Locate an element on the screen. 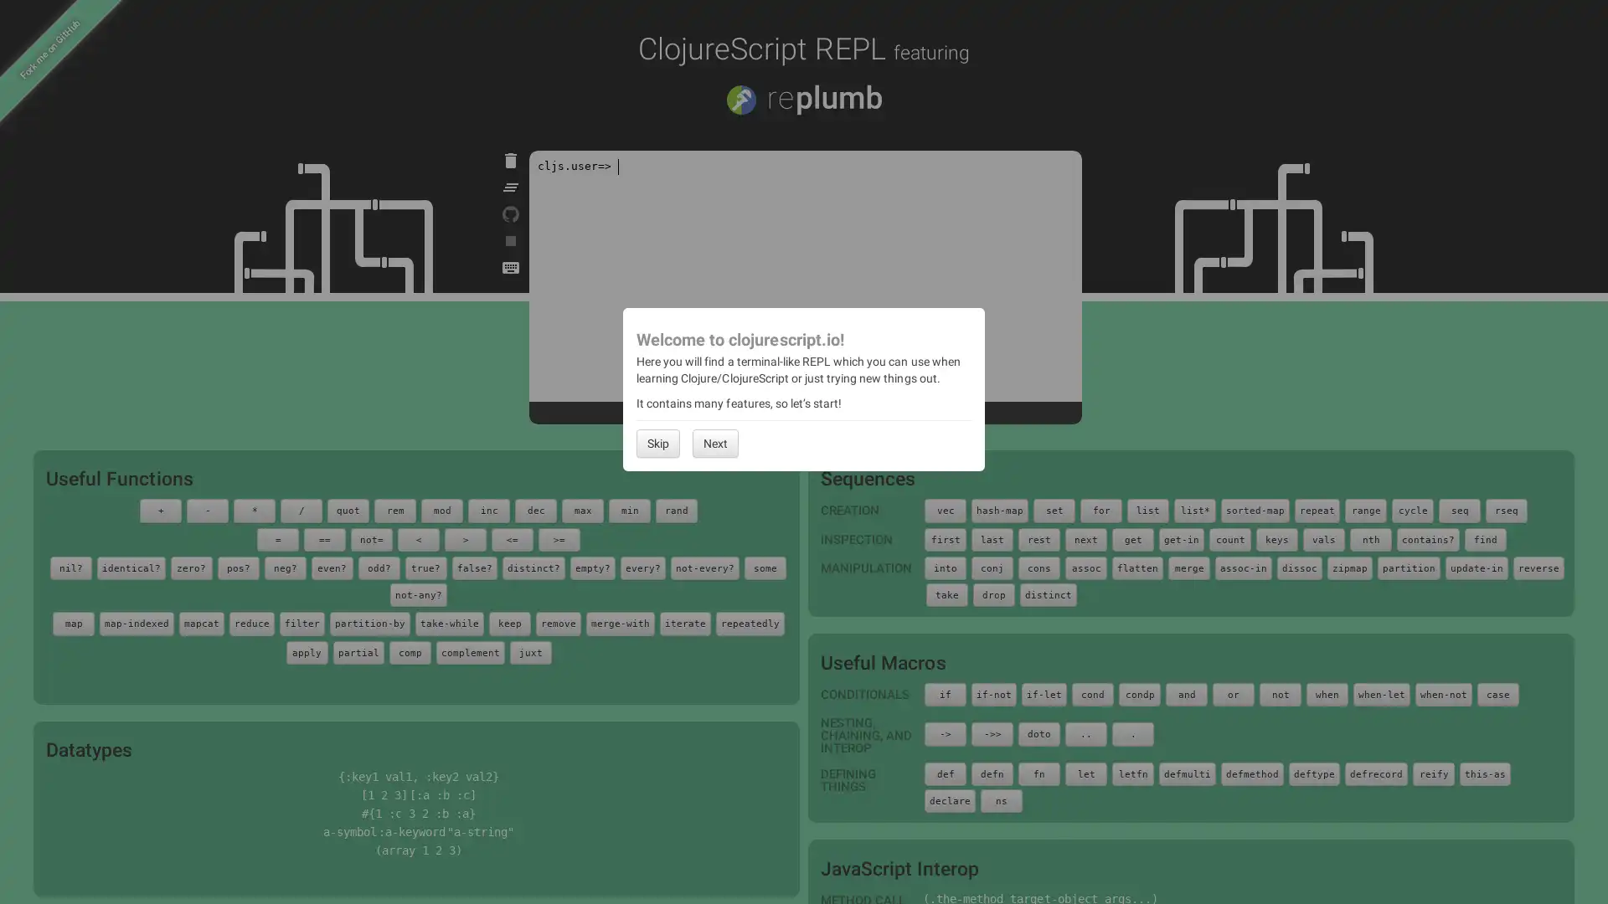 The height and width of the screenshot is (904, 1608). = is located at coordinates (277, 539).